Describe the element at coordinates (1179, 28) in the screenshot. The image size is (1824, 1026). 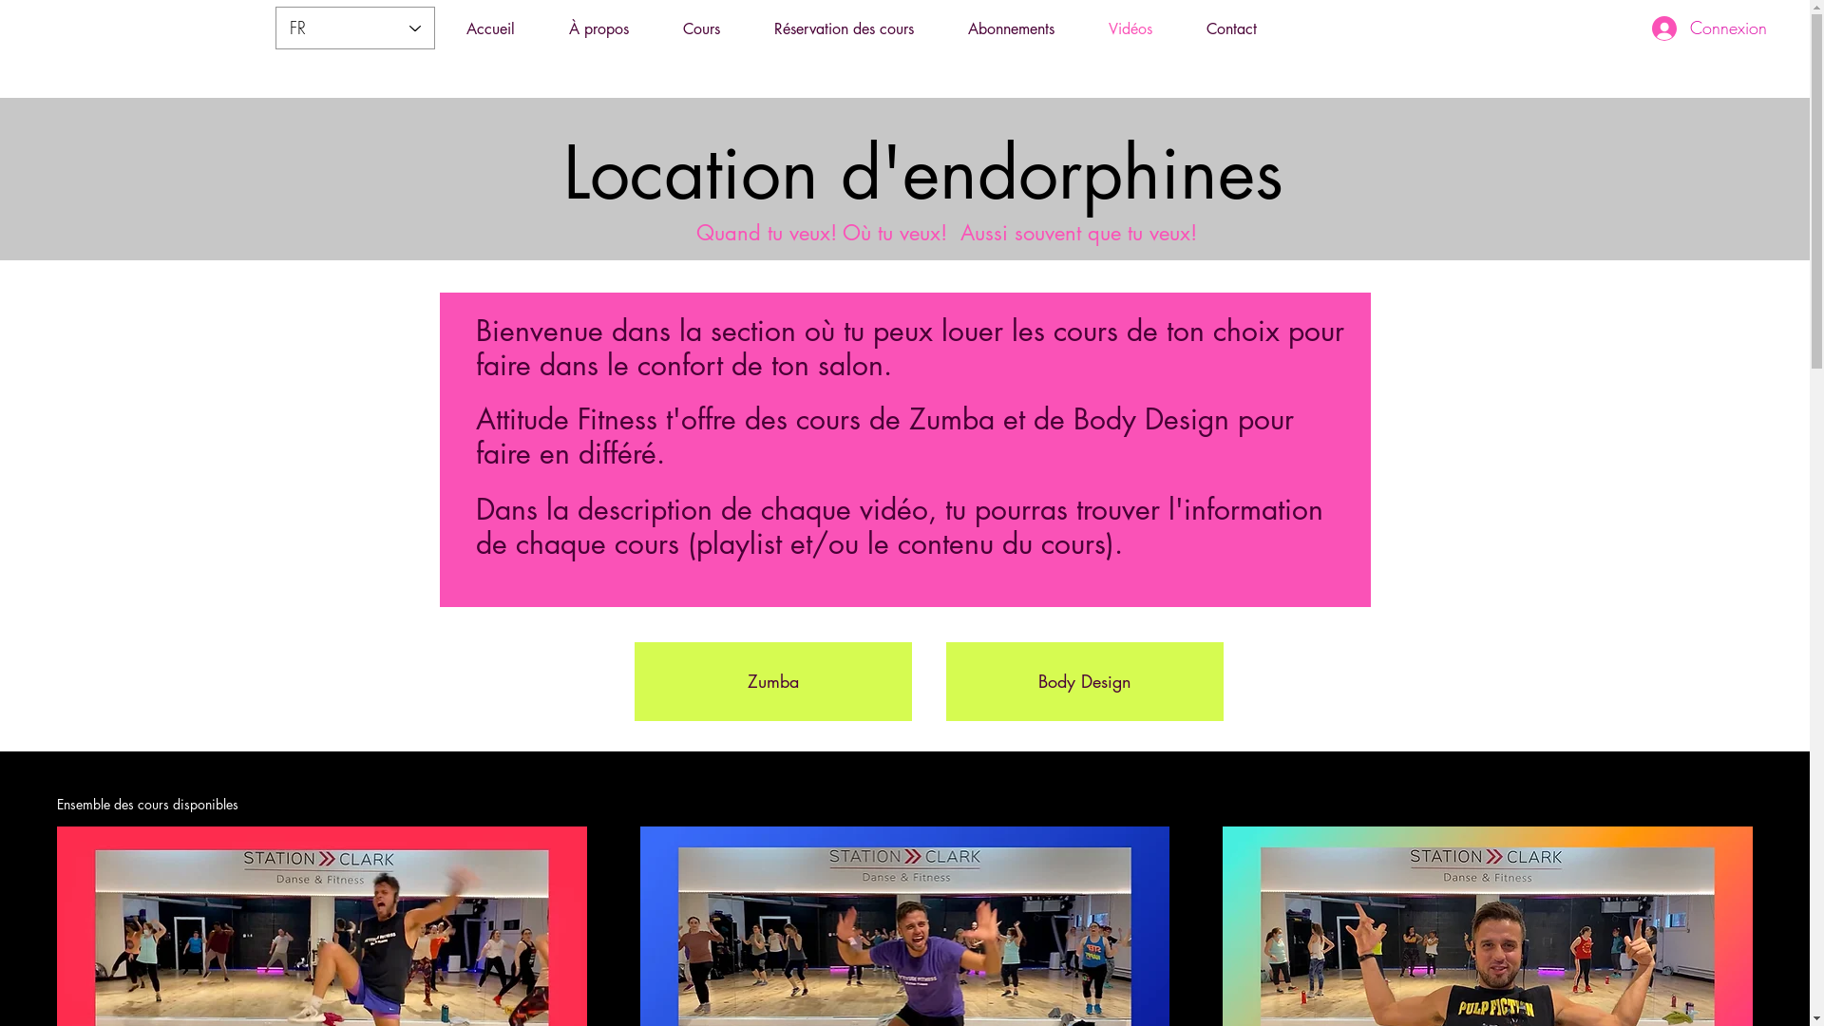
I see `'Contact'` at that location.